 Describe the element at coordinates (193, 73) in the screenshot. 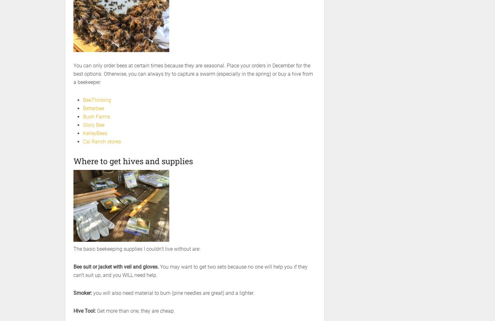

I see `'You can only order bees at certain times because they are seasonal. Place your orders in December for the best options. Otherwise, you can always try to capture a swarm (especially in the spring) or buy a hive from a beekeeper.'` at that location.